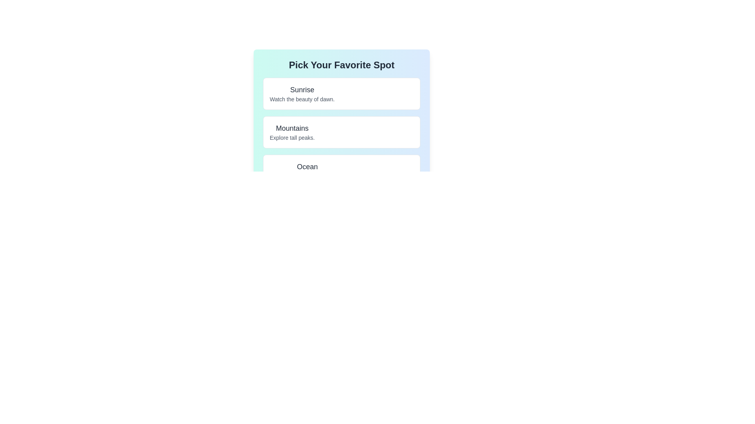  I want to click on the static text element that displays the preference for mountainous landscapes, which is the second option in a vertical list of three options, so click(292, 132).